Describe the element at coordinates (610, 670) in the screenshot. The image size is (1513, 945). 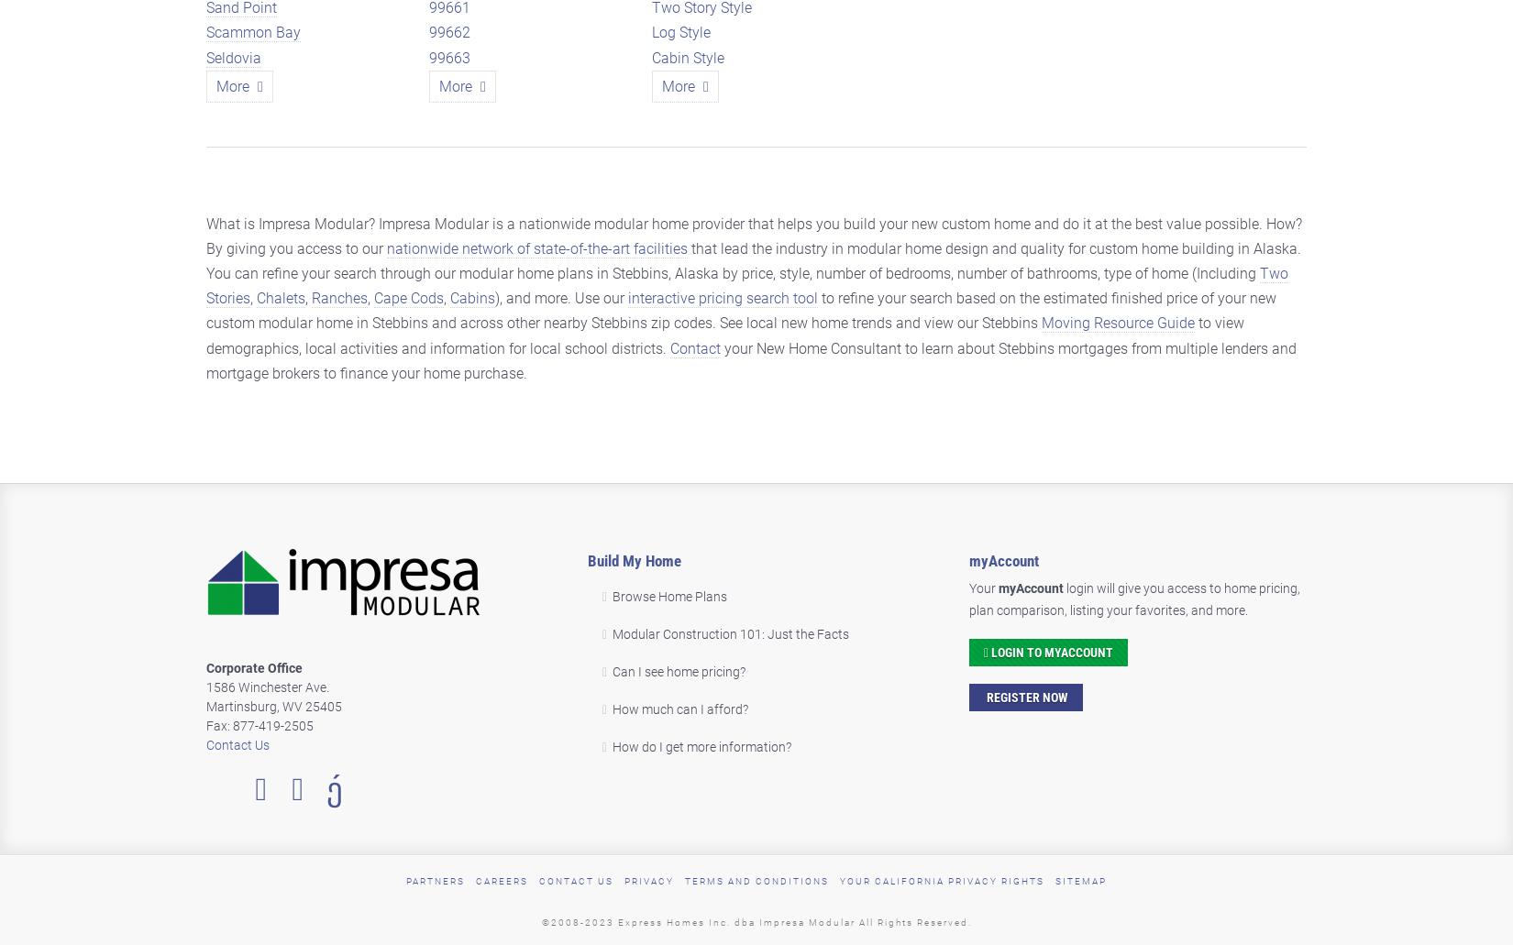
I see `'Can I see home pricing?'` at that location.